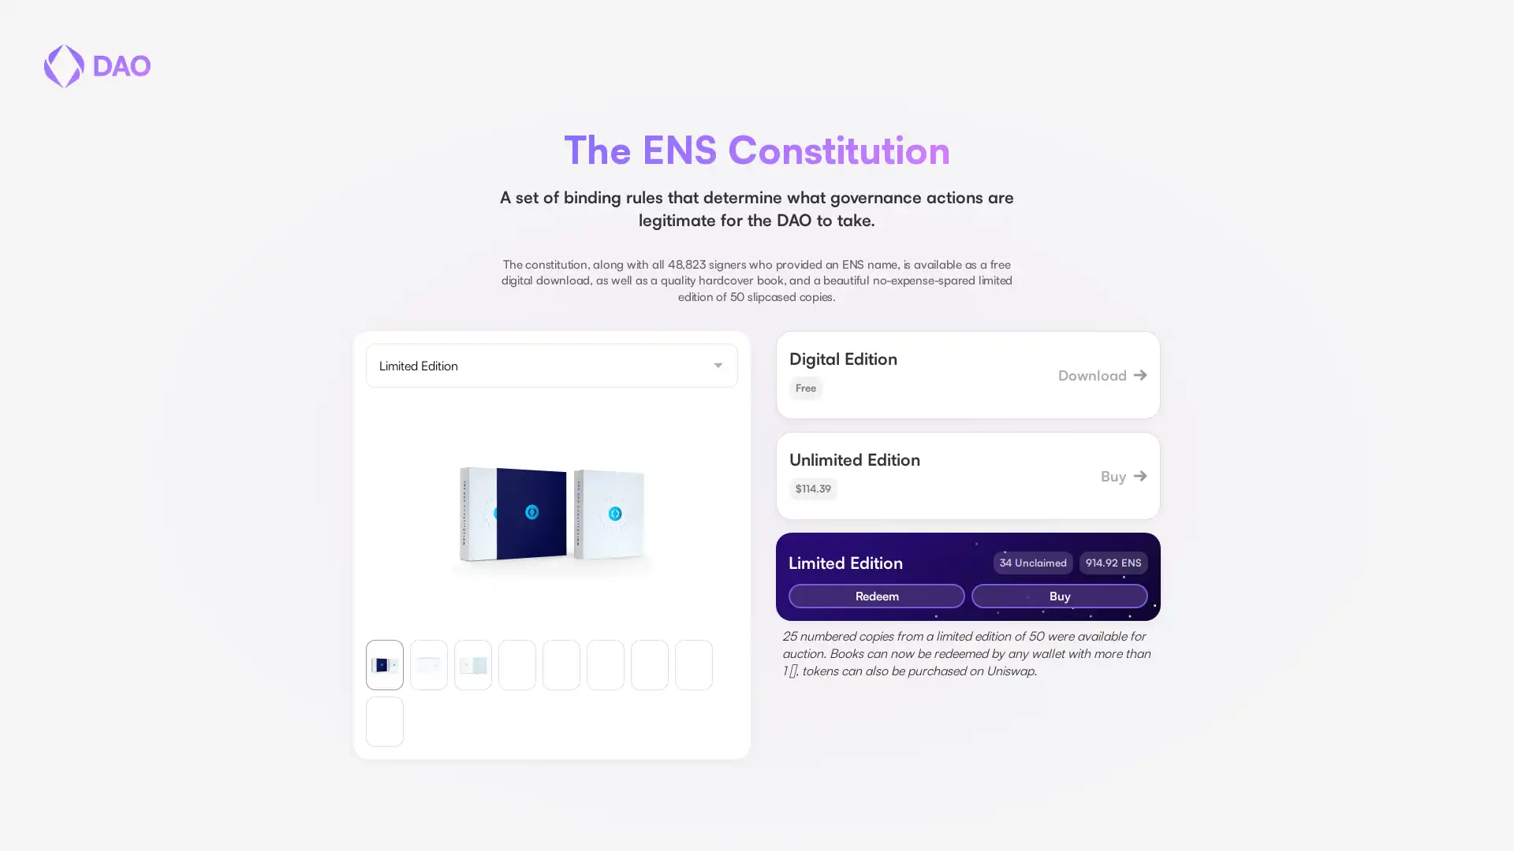 This screenshot has height=851, width=1514. Describe the element at coordinates (472, 664) in the screenshot. I see `Limited edition page example 1` at that location.